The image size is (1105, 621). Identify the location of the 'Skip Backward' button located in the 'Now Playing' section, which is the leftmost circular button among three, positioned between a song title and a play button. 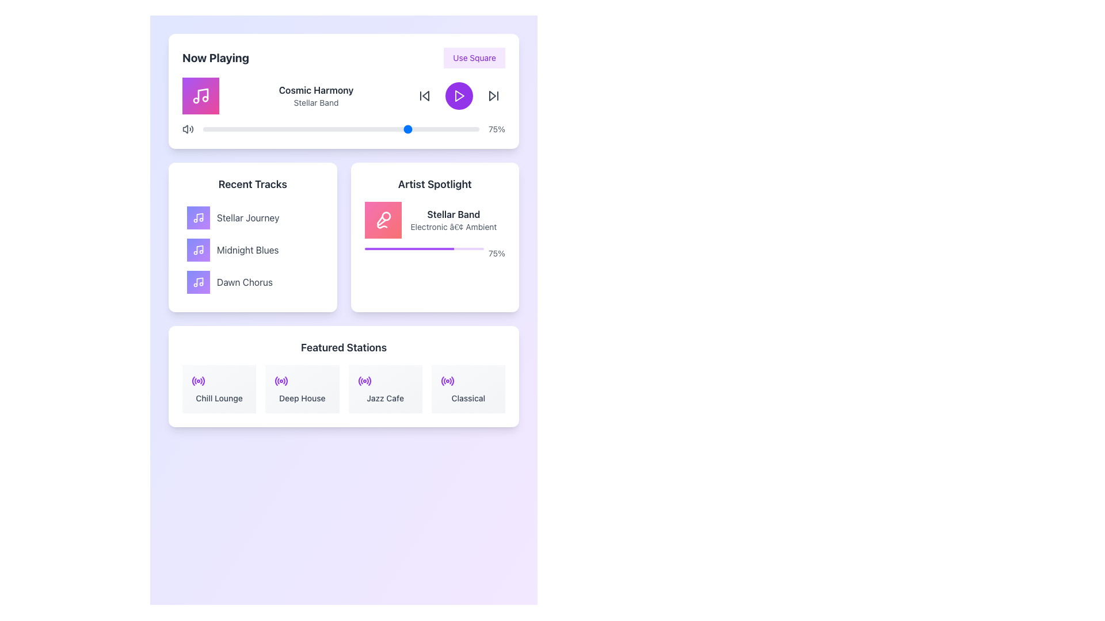
(424, 95).